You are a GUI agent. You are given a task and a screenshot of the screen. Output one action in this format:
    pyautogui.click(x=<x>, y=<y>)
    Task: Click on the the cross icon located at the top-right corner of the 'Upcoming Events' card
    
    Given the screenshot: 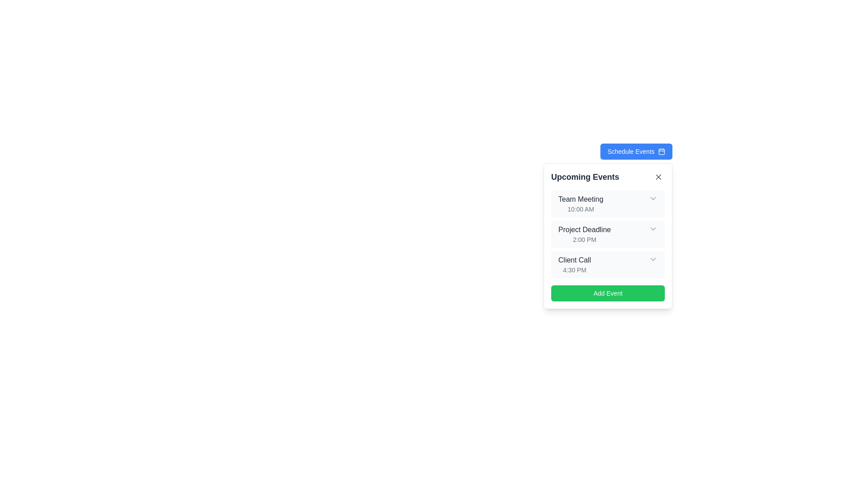 What is the action you would take?
    pyautogui.click(x=659, y=177)
    